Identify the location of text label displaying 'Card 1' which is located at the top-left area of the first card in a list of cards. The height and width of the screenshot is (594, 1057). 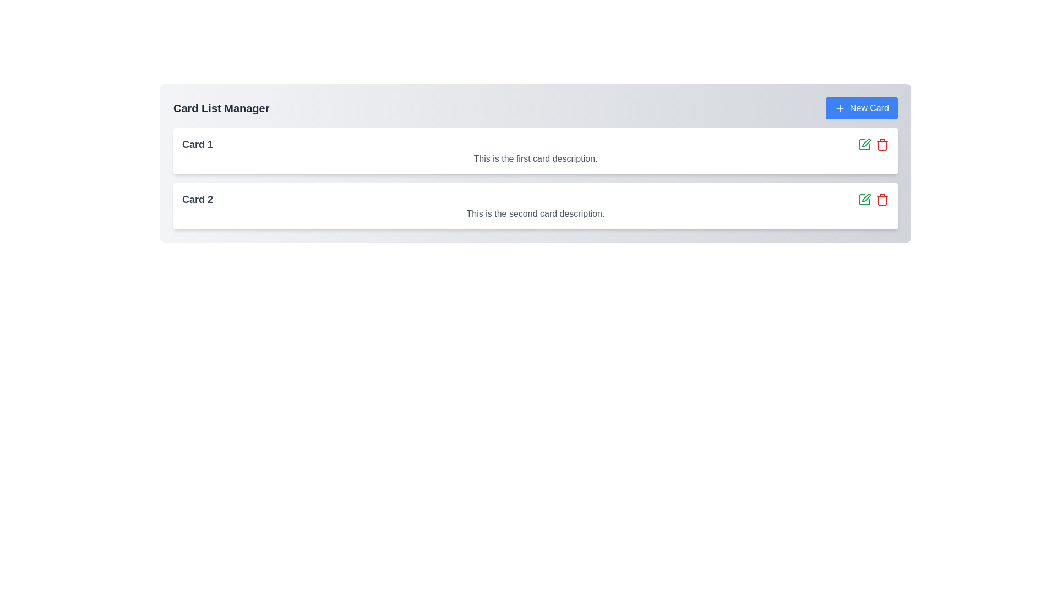
(198, 144).